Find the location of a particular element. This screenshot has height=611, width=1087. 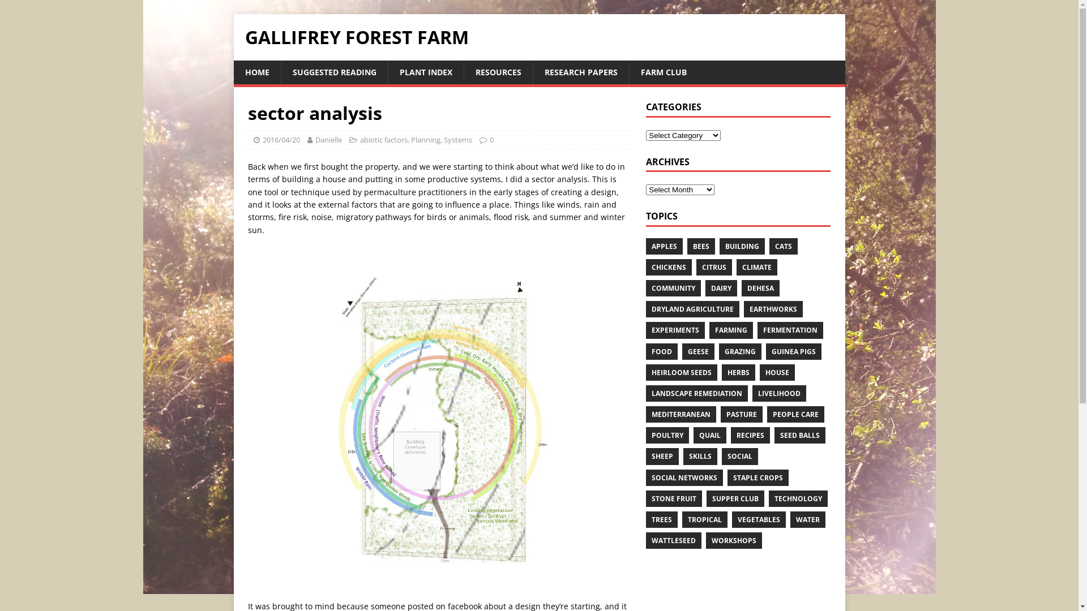

'DEHESA' is located at coordinates (742, 287).